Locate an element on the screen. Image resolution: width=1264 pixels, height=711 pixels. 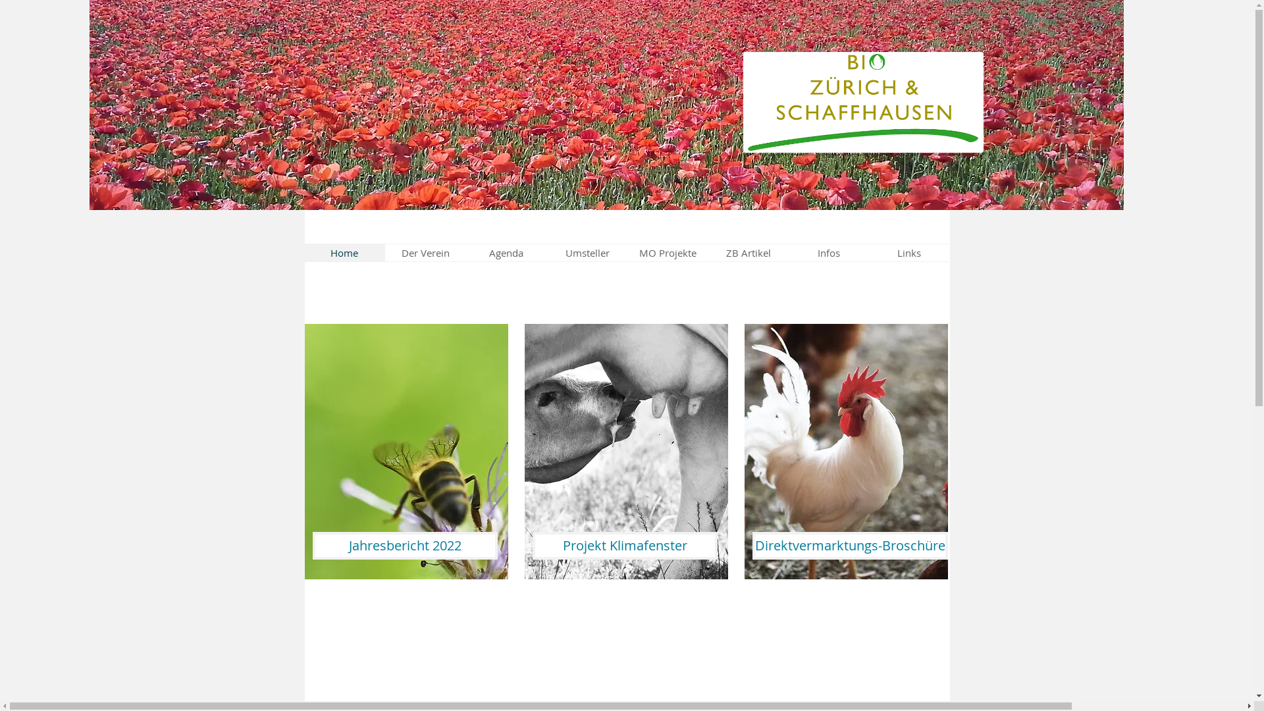
'Agenda' is located at coordinates (506, 253).